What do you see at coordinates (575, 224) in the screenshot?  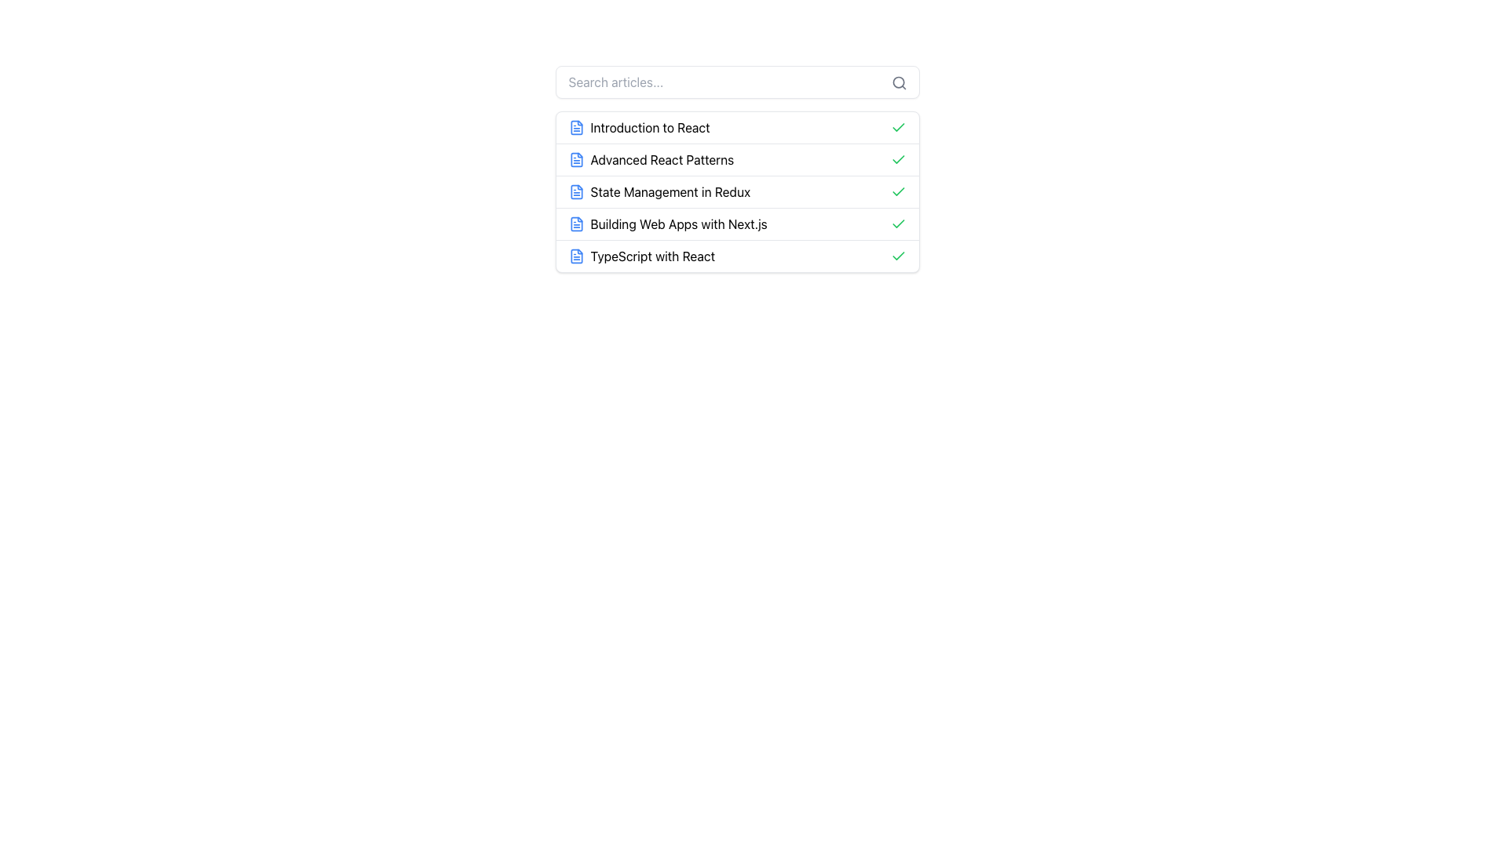 I see `the blue file icon representing a document, located to the left of the text 'Building Web Apps with Next.js' in the fourth item of the list` at bounding box center [575, 224].